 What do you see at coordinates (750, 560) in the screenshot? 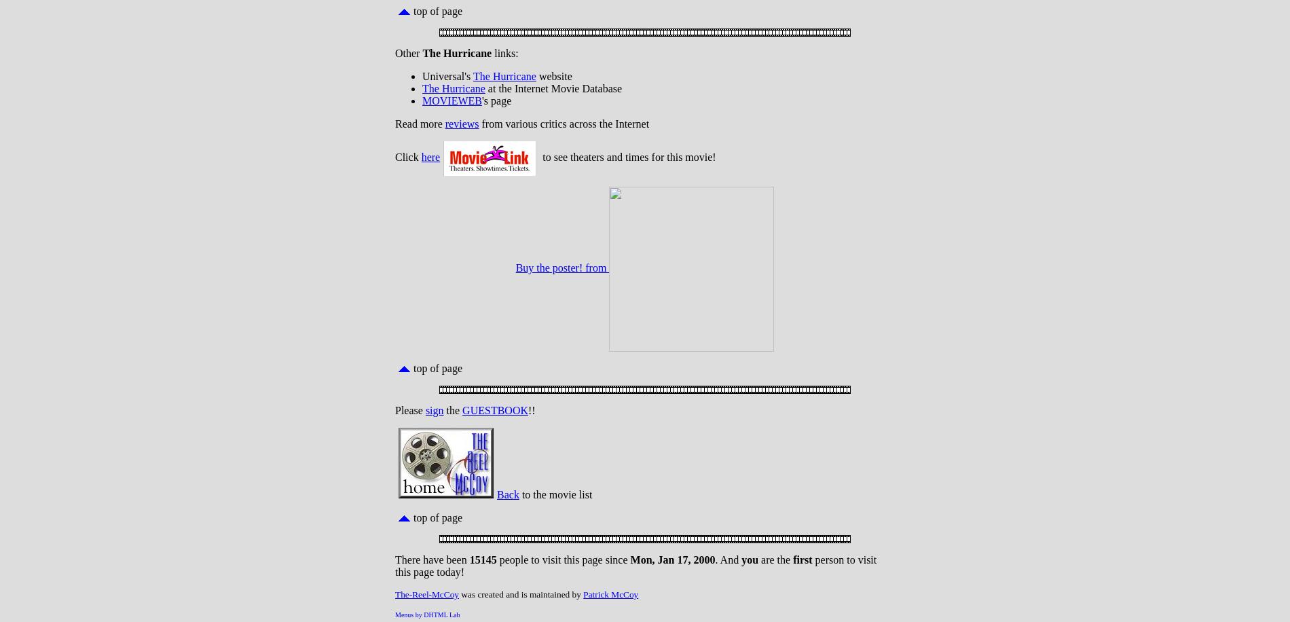
I see `'you'` at bounding box center [750, 560].